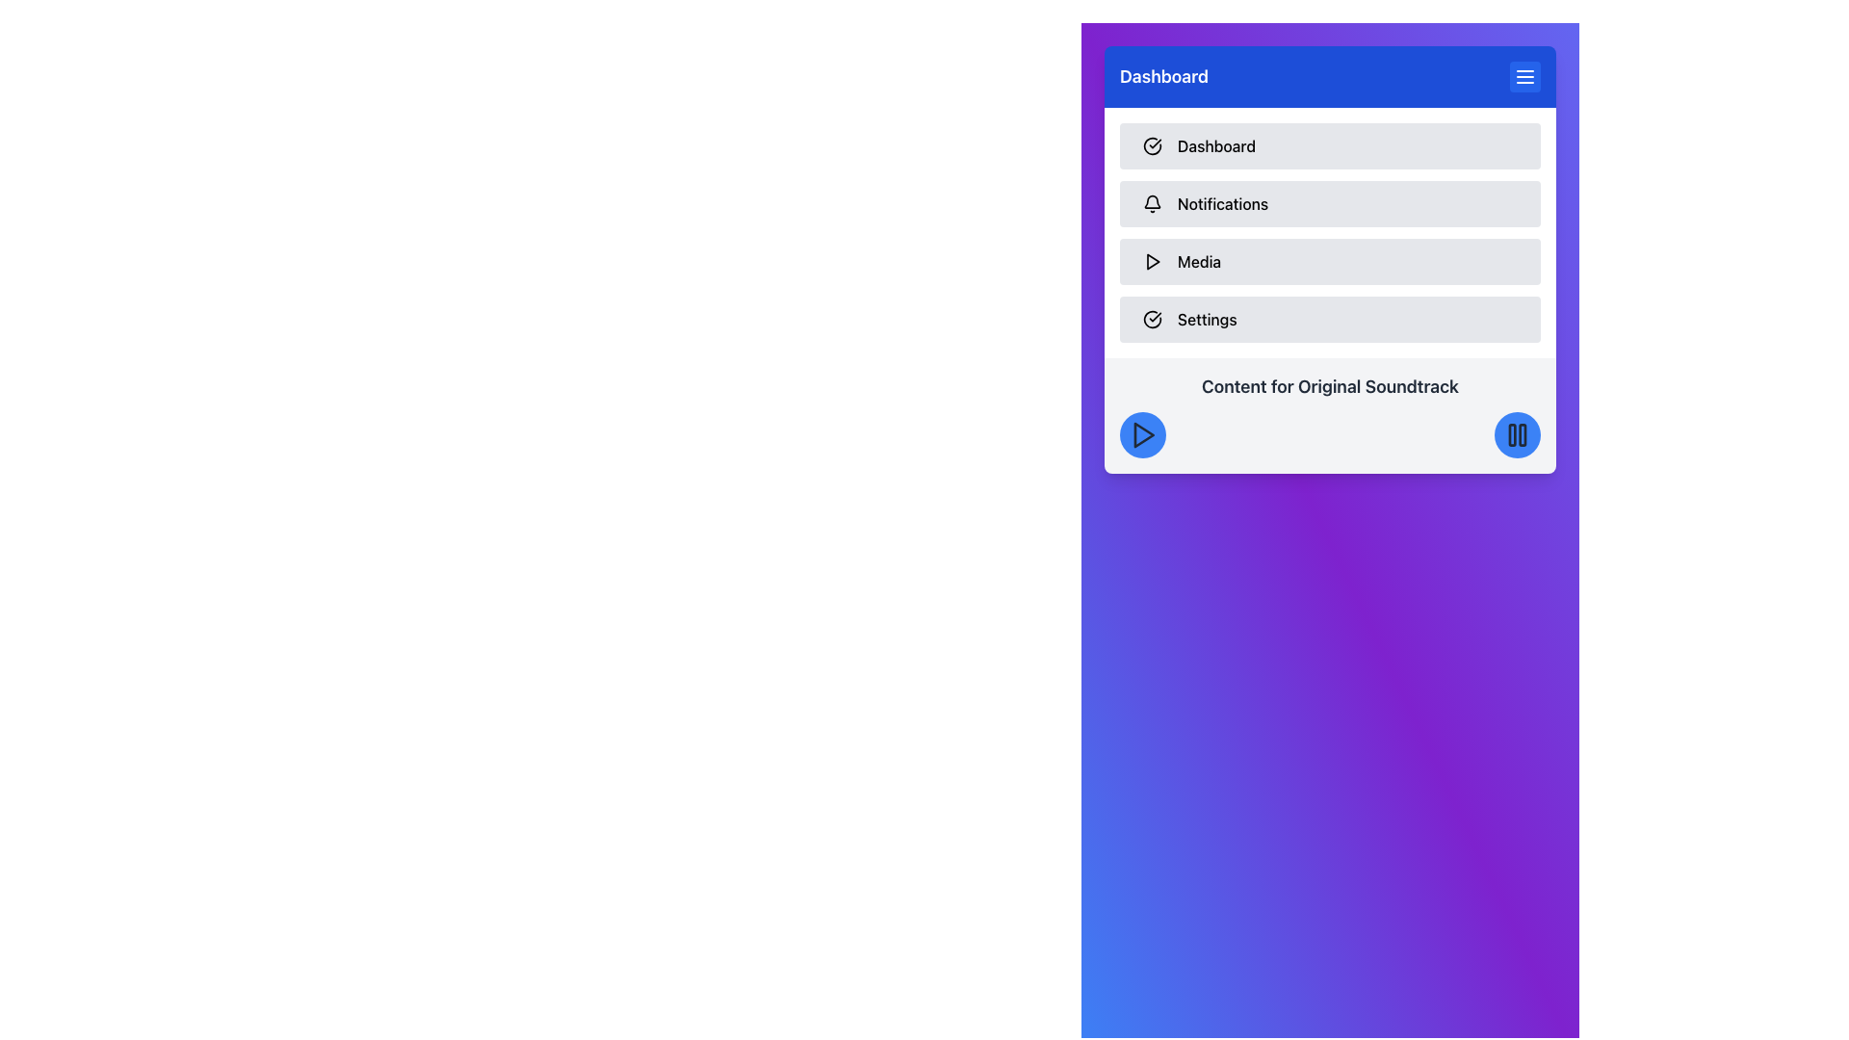 This screenshot has height=1040, width=1849. What do you see at coordinates (1144, 434) in the screenshot?
I see `the triangular play button icon located within a circular button at the bottom-left section of the main interface` at bounding box center [1144, 434].